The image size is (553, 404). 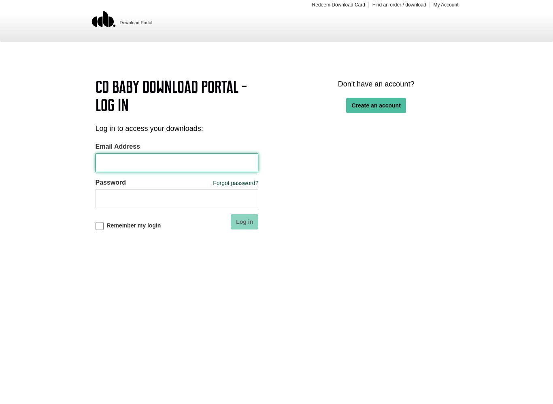 What do you see at coordinates (235, 182) in the screenshot?
I see `'Forgot password?'` at bounding box center [235, 182].